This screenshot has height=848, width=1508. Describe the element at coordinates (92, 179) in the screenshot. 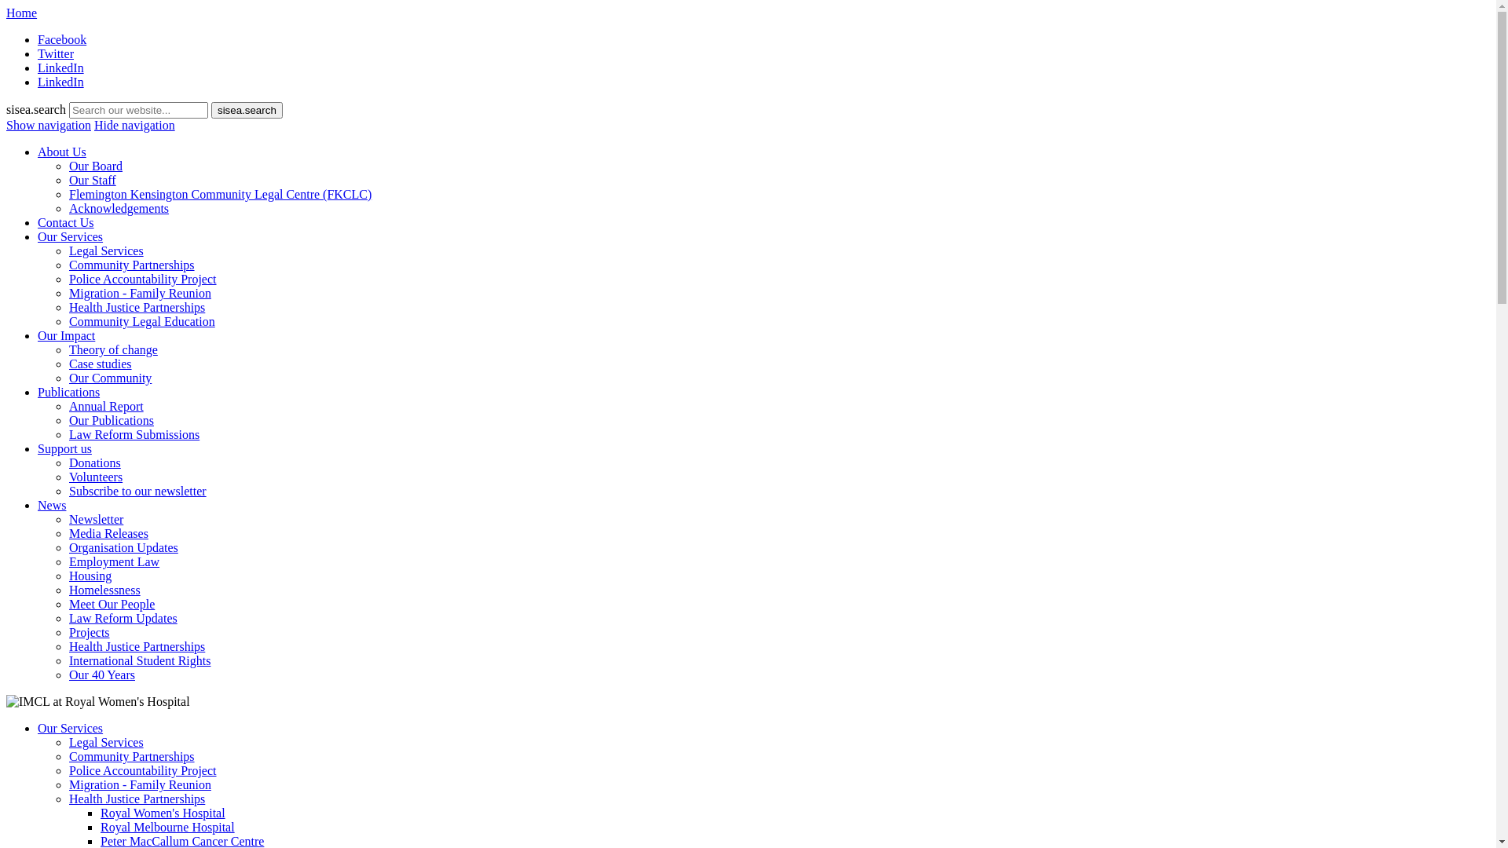

I see `'Our Staff'` at that location.